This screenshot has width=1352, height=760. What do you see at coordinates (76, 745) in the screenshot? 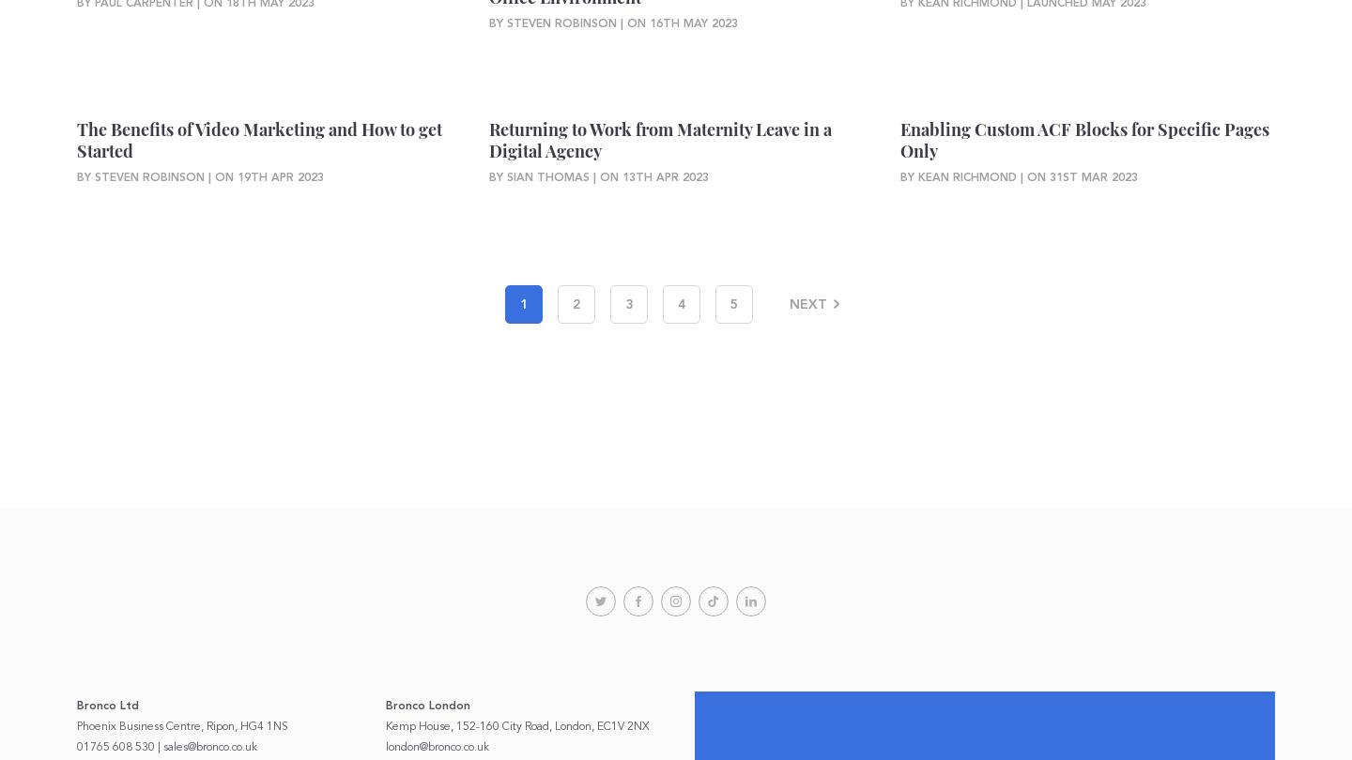
I see `'01765 608 530'` at bounding box center [76, 745].